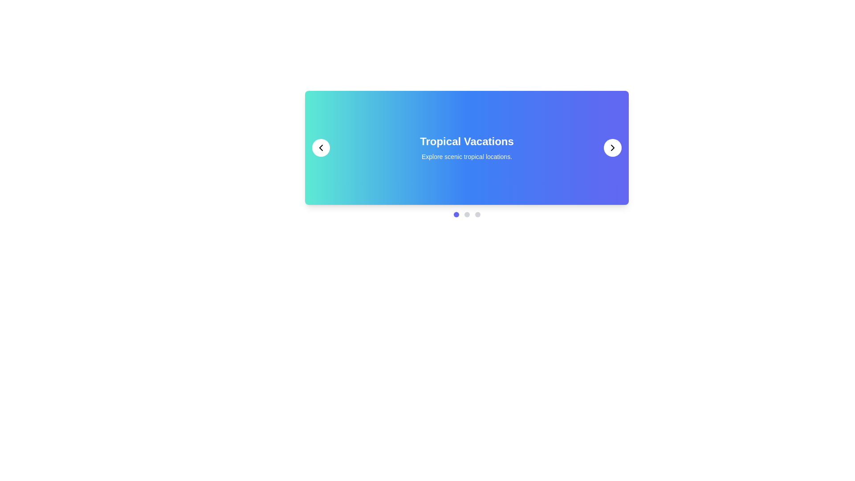 The height and width of the screenshot is (481, 855). What do you see at coordinates (321, 147) in the screenshot?
I see `the left-facing chevron icon within the rounded white button labeled 'Tropical Vacations'` at bounding box center [321, 147].